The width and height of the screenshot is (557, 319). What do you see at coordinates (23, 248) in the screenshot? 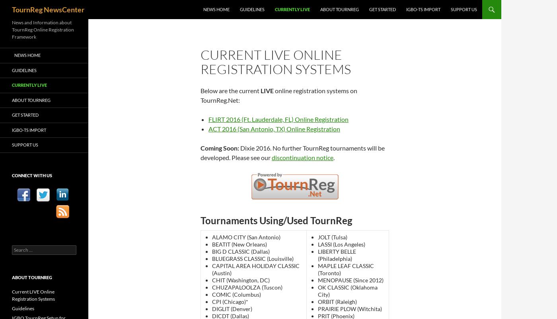
I see `'Search for:'` at bounding box center [23, 248].